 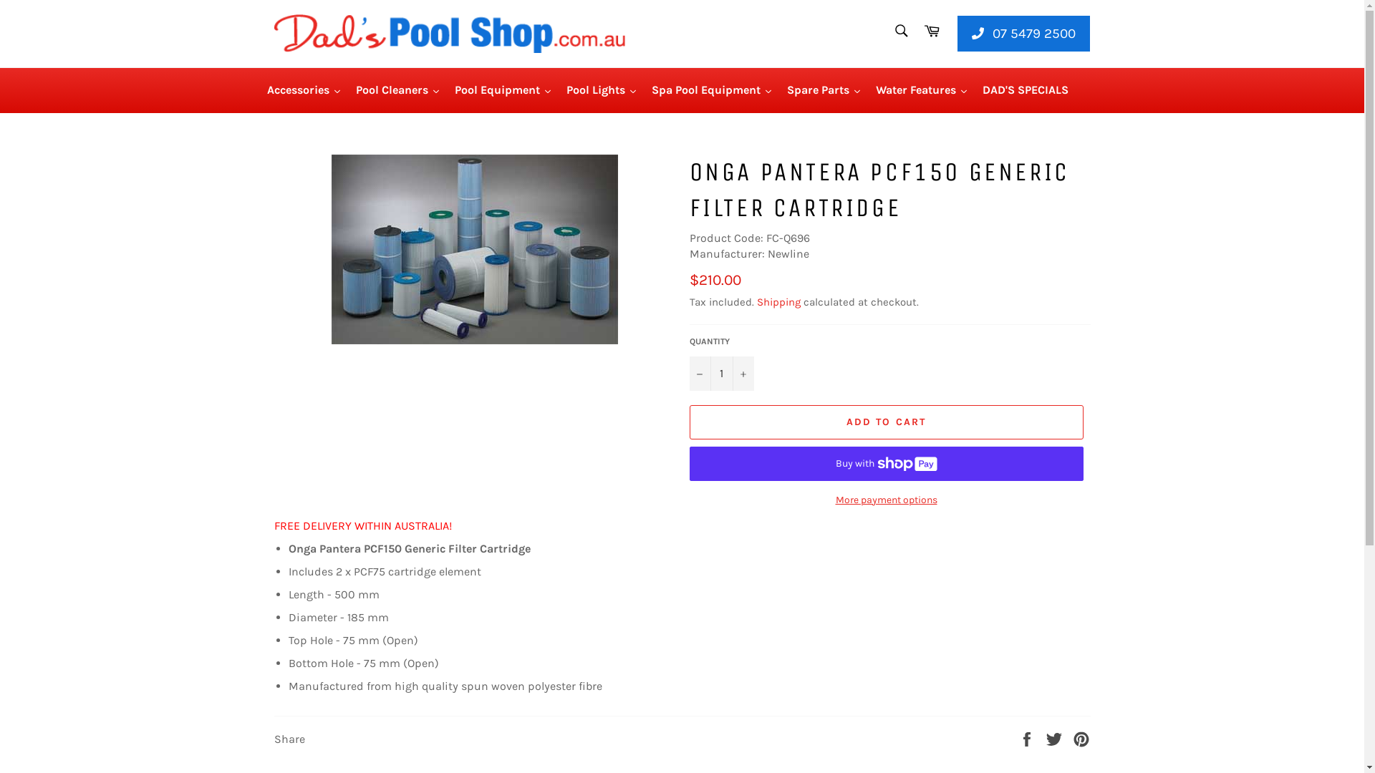 I want to click on 'Pool Cleaners', so click(x=347, y=90).